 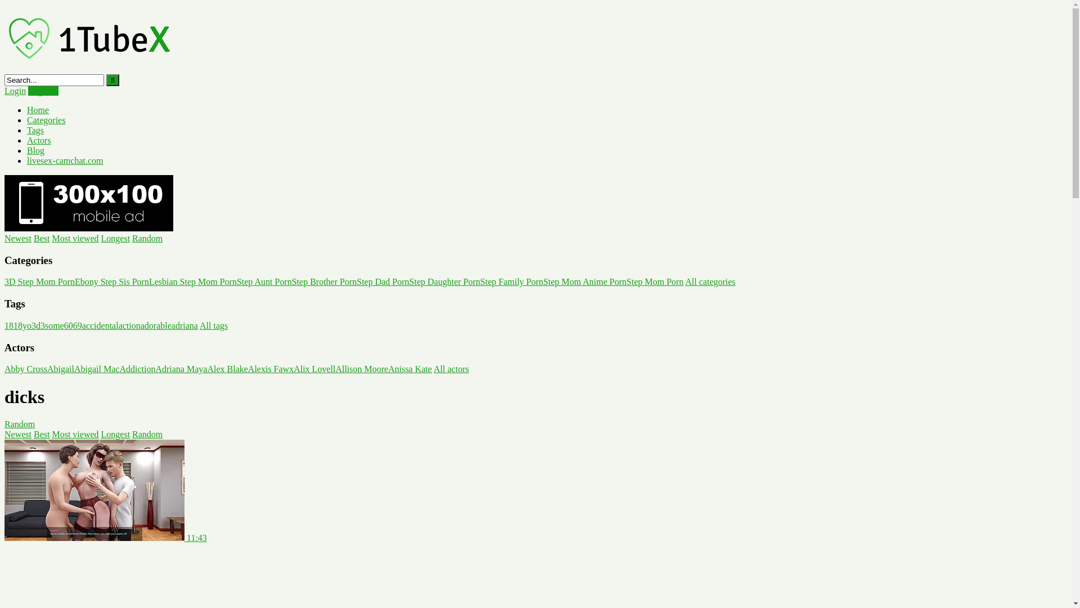 I want to click on 'Longest', so click(x=116, y=433).